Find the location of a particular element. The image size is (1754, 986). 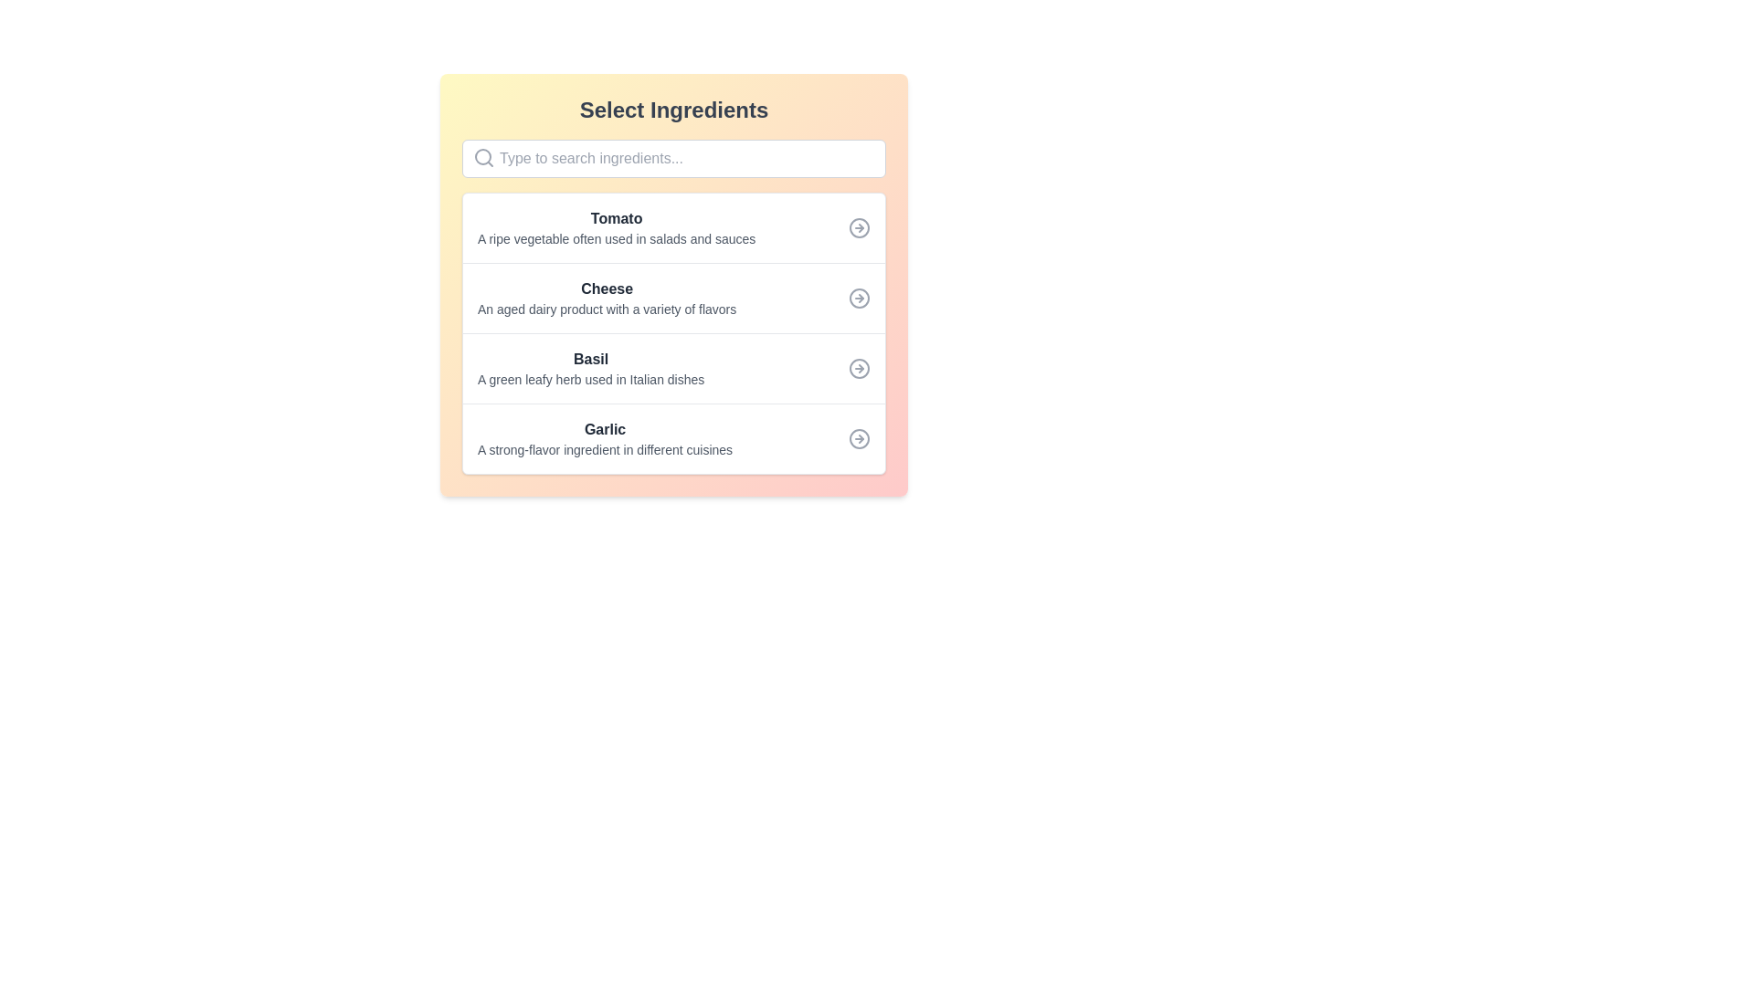

the forward navigation icon related to the 'Cheese' option, located to the far right of the 'Cheese' row is located at coordinates (858, 298).